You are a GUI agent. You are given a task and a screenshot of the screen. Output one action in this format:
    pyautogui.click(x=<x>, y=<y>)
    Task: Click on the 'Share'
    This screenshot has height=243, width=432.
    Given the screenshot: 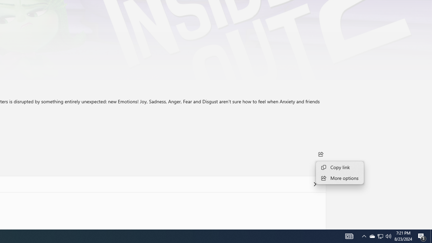 What is the action you would take?
    pyautogui.click(x=320, y=154)
    